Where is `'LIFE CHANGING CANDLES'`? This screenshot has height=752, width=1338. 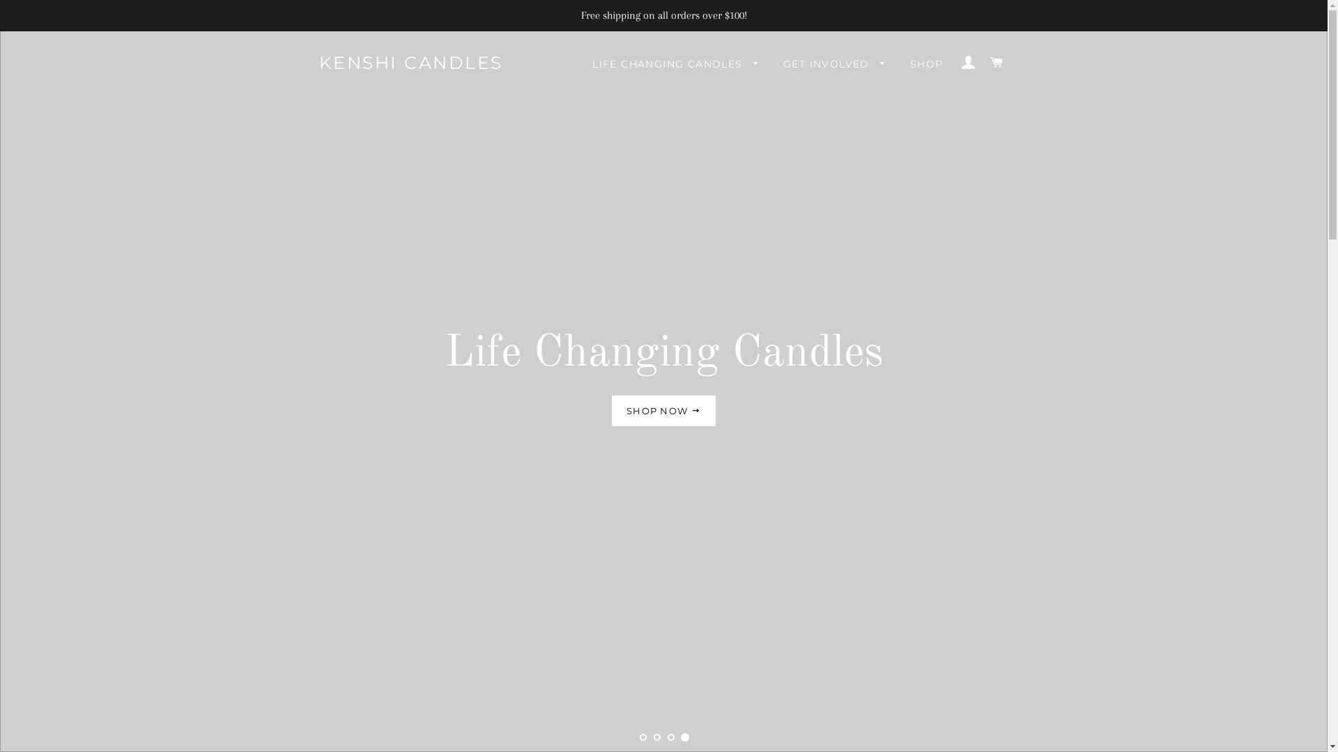
'LIFE CHANGING CANDLES' is located at coordinates (675, 64).